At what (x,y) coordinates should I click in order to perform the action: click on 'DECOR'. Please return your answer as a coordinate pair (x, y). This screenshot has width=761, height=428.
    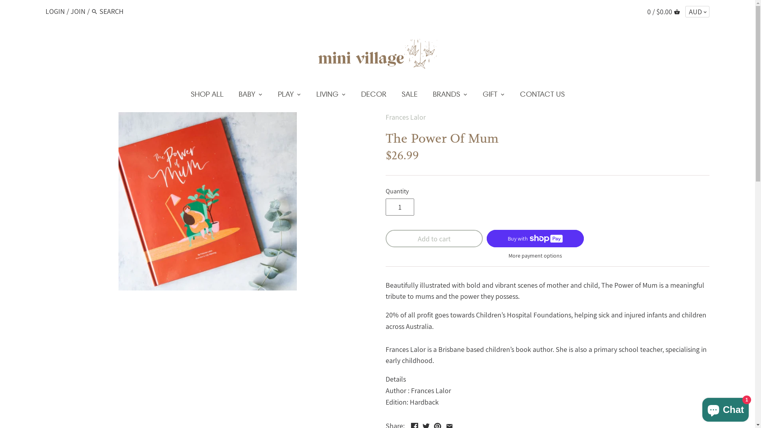
    Looking at the image, I should click on (373, 95).